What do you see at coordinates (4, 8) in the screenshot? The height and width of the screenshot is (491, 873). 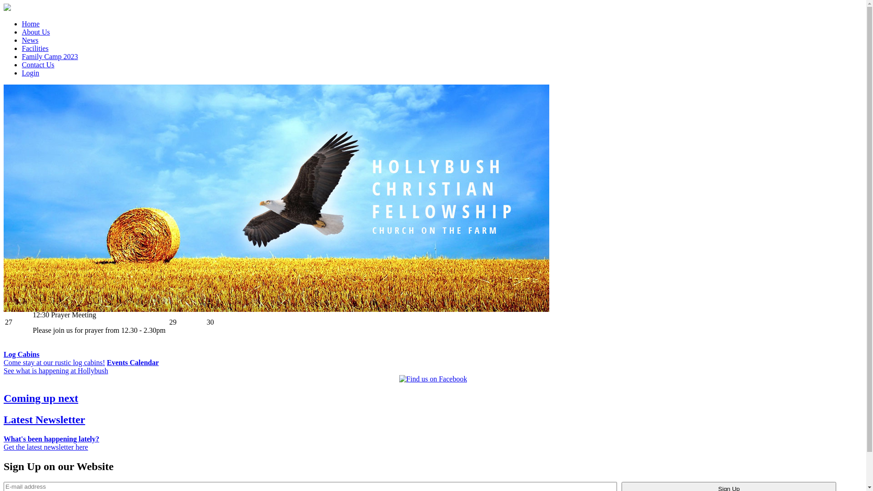 I see `'Hollybush Christian Fellowship'` at bounding box center [4, 8].